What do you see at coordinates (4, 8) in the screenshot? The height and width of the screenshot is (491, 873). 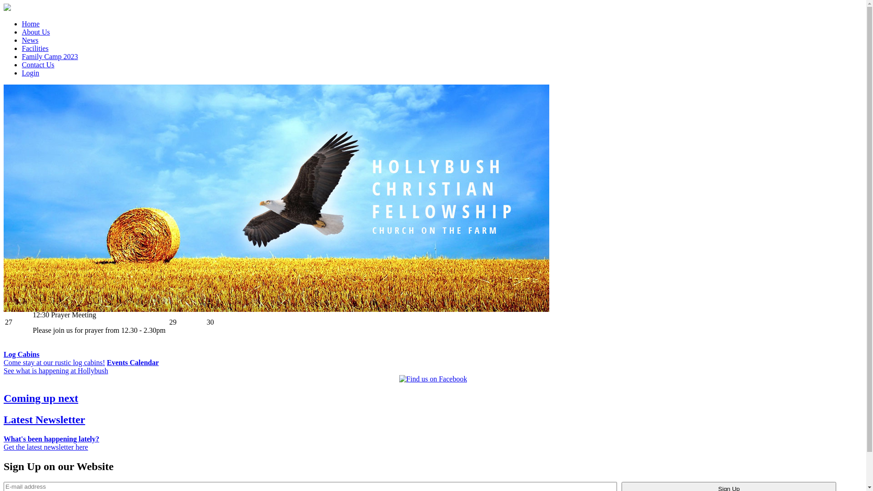 I see `'Hollybush Christian Fellowship'` at bounding box center [4, 8].